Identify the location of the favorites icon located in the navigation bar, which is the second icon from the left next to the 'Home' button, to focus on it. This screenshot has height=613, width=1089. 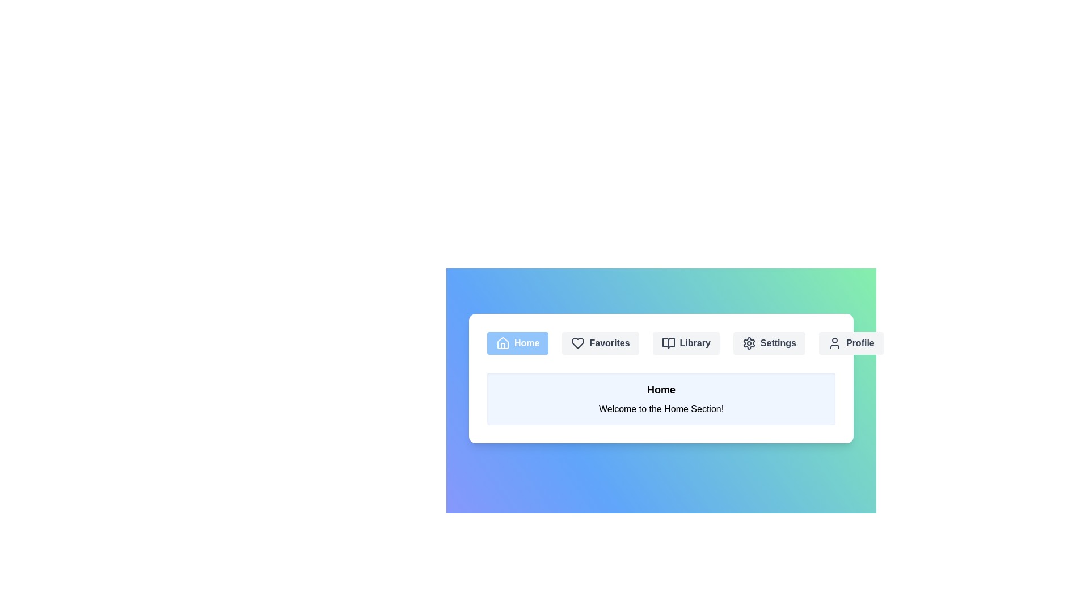
(578, 343).